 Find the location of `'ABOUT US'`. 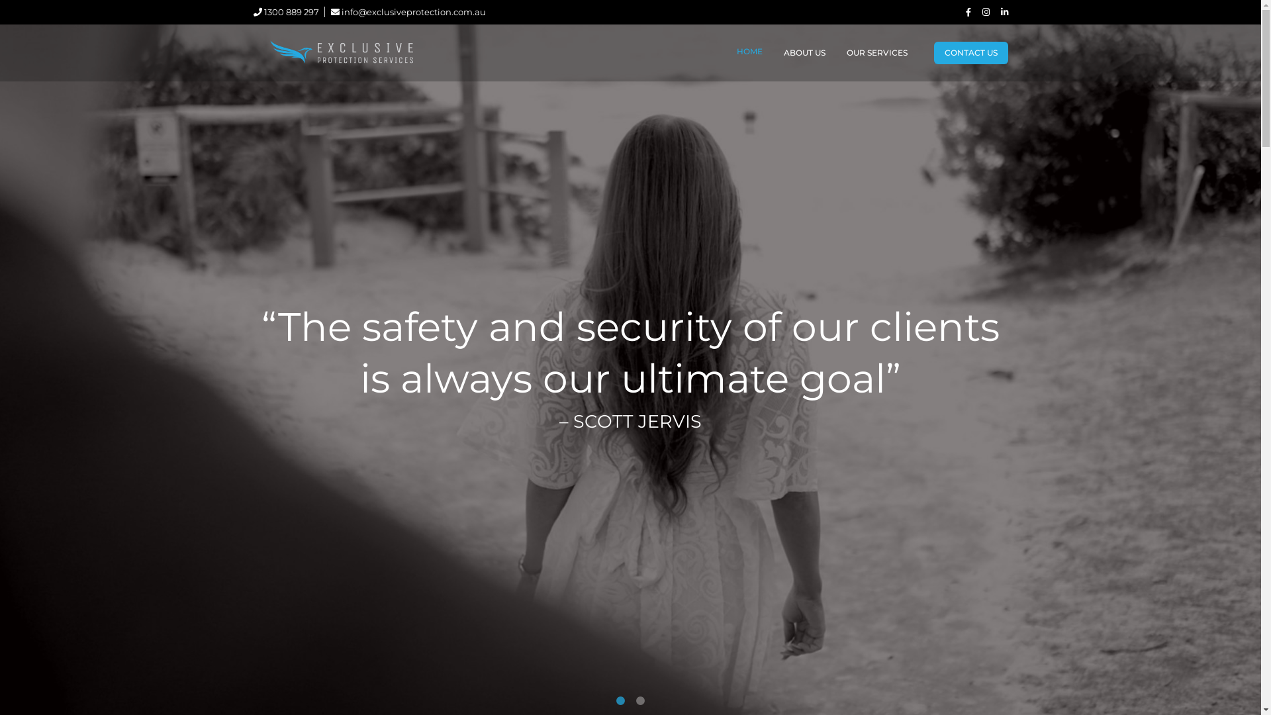

'ABOUT US' is located at coordinates (804, 52).